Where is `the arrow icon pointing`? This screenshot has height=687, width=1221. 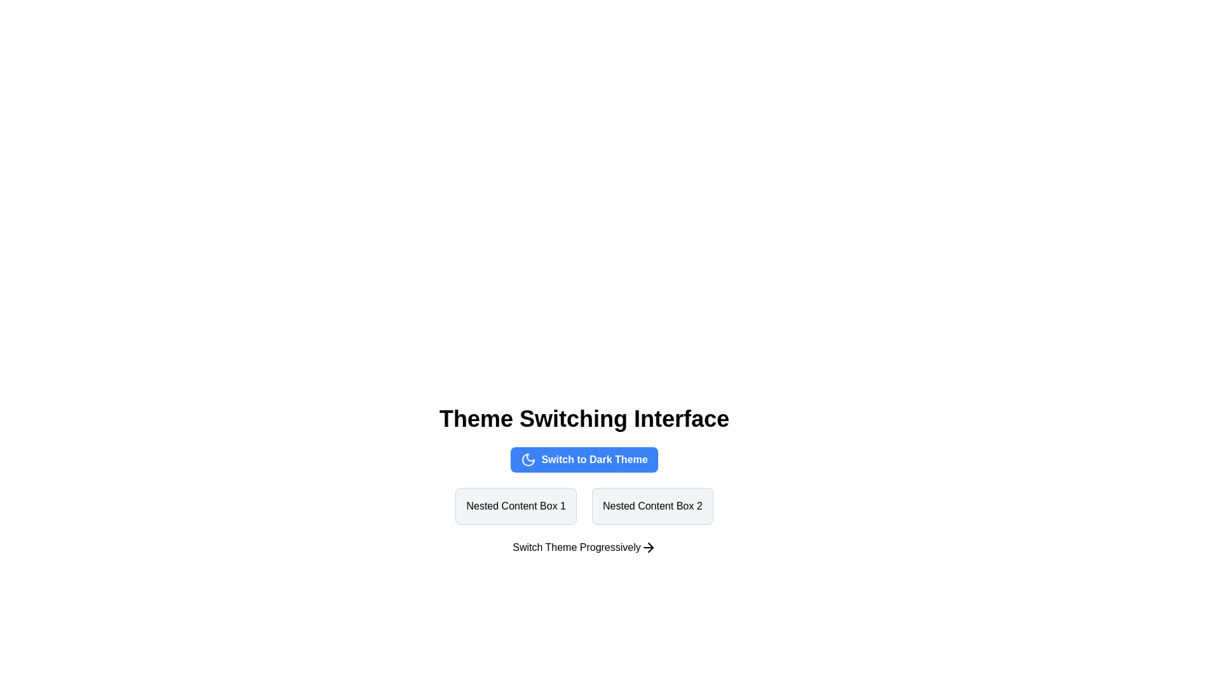
the arrow icon pointing is located at coordinates (648, 546).